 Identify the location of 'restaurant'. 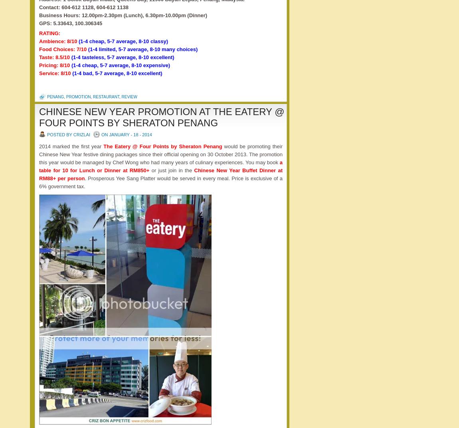
(105, 96).